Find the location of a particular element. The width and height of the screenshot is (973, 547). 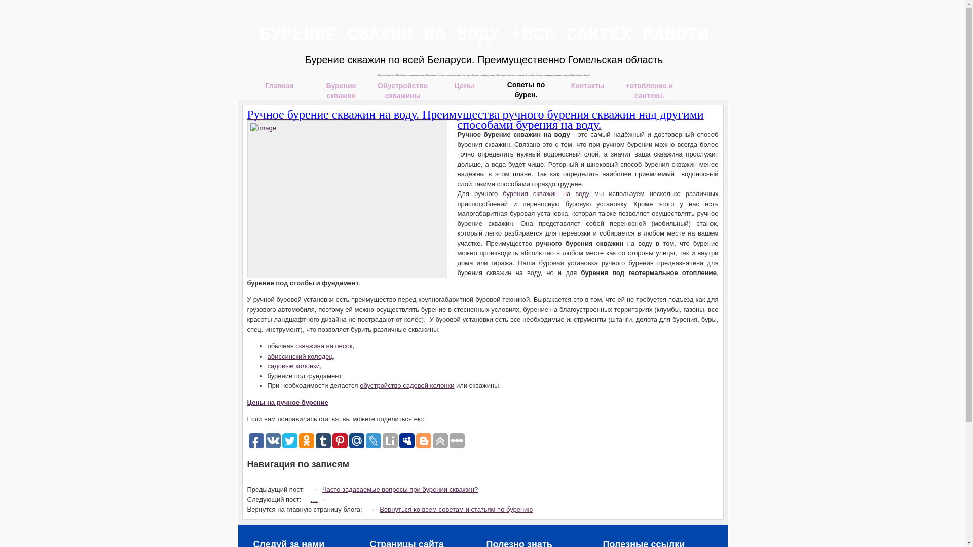

'....' is located at coordinates (313, 498).